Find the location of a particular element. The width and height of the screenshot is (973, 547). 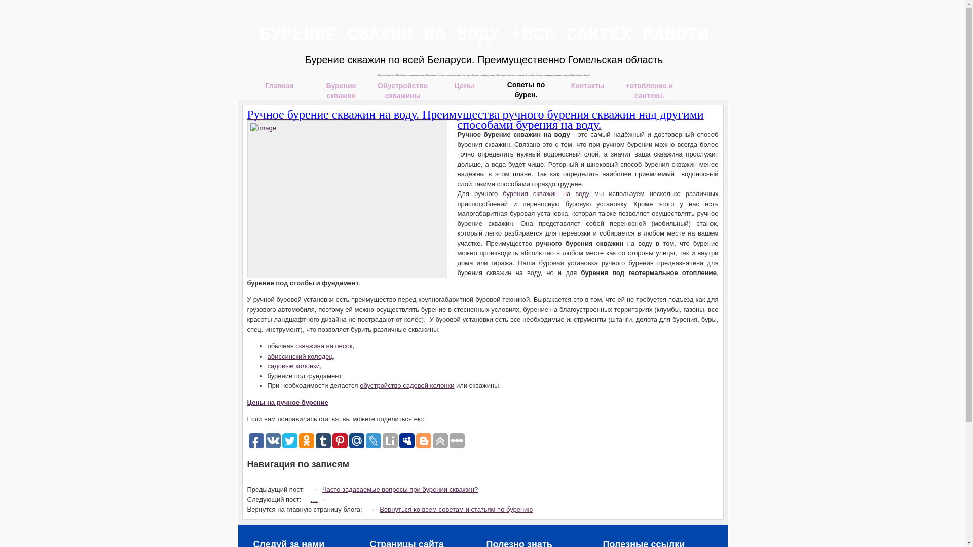

'....' is located at coordinates (313, 498).